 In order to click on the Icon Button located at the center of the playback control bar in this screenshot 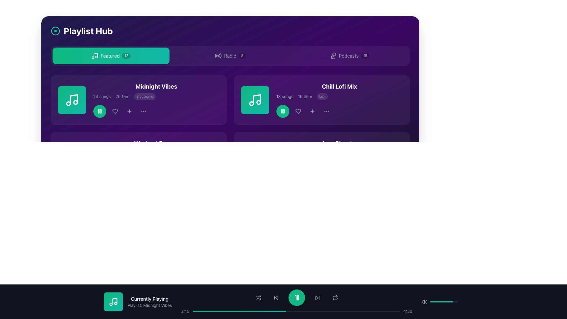, I will do `click(296, 297)`.